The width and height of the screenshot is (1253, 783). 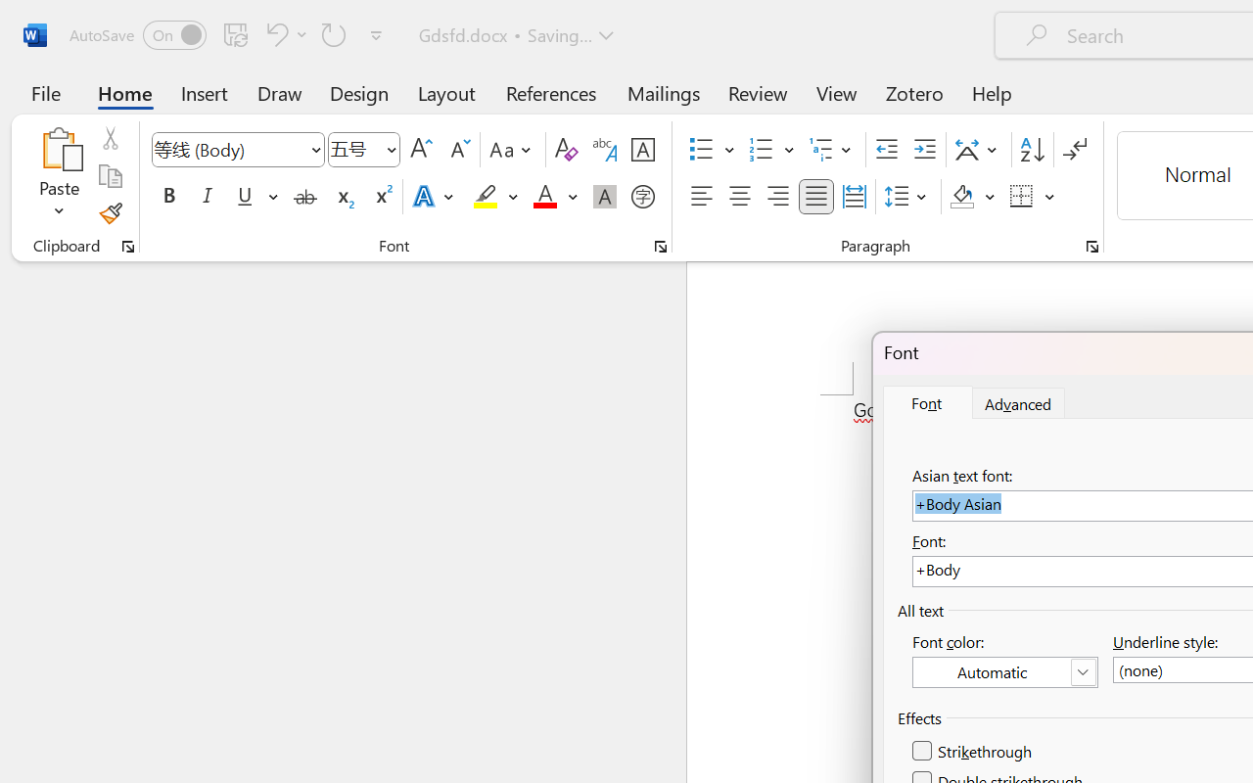 I want to click on 'Shrink Font', so click(x=457, y=150).